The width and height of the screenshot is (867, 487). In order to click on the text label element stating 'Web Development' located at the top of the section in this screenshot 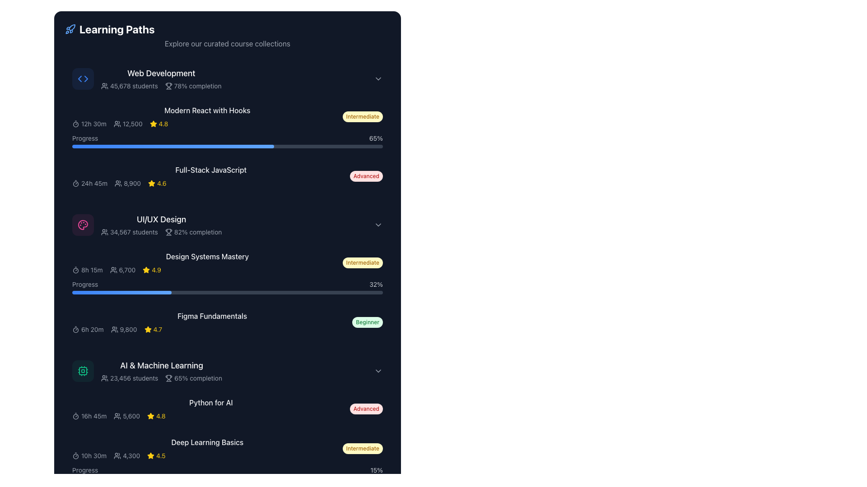, I will do `click(161, 73)`.